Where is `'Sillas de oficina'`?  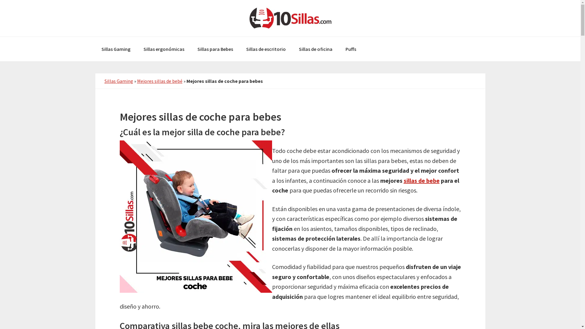
'Sillas de oficina' is located at coordinates (315, 49).